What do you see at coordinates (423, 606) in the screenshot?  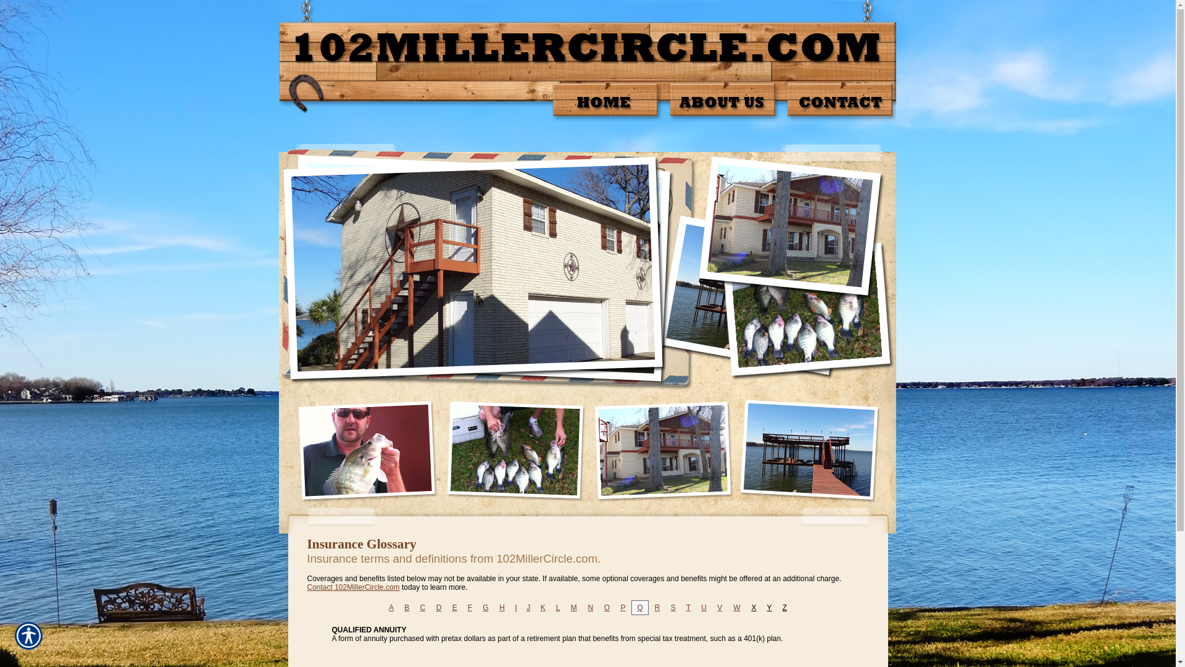 I see `'C'` at bounding box center [423, 606].